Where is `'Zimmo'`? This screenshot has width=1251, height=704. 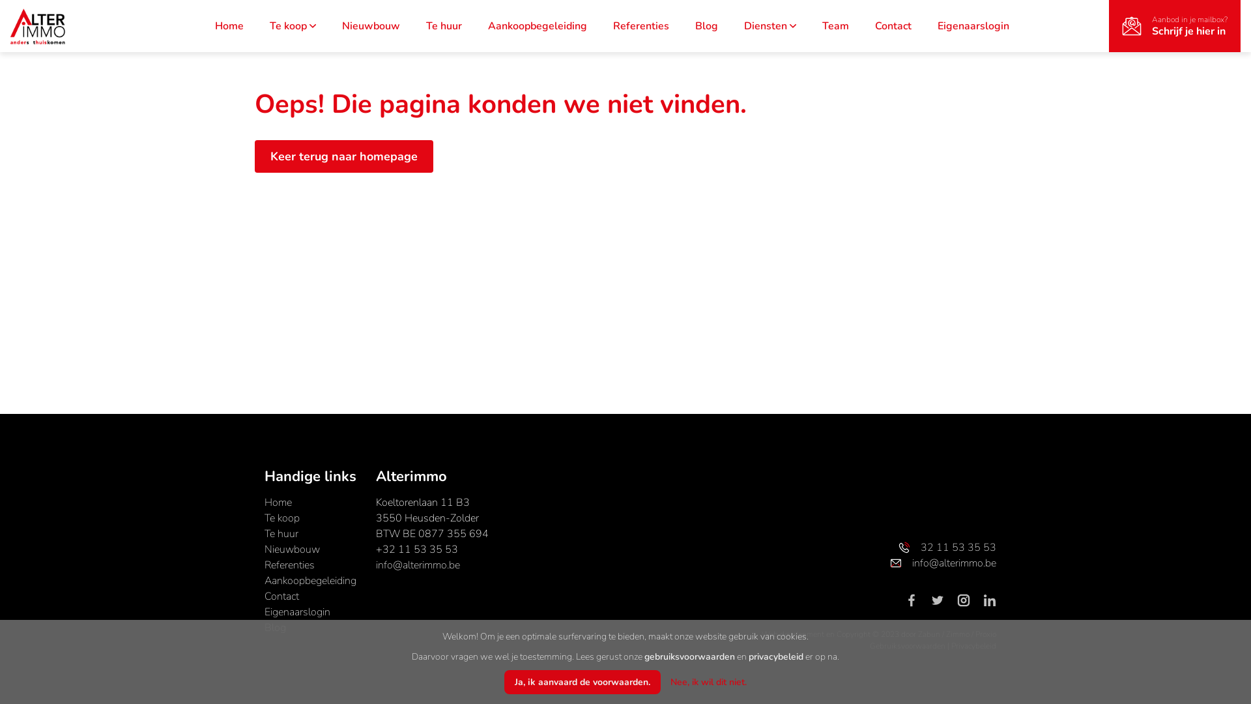
'Zimmo' is located at coordinates (945, 633).